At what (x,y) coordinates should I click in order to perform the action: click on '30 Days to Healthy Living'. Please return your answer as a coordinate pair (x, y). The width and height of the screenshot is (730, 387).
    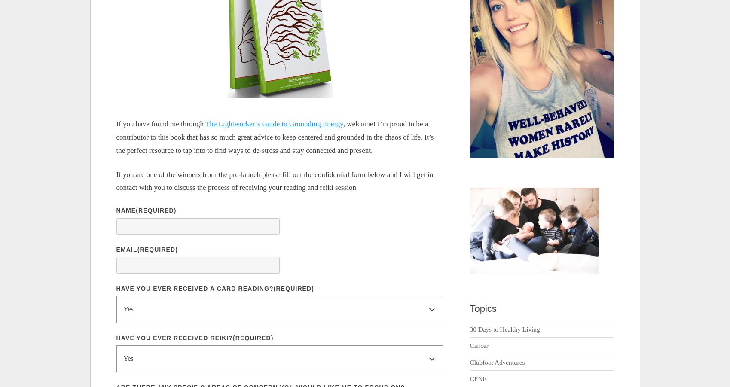
    Looking at the image, I should click on (469, 328).